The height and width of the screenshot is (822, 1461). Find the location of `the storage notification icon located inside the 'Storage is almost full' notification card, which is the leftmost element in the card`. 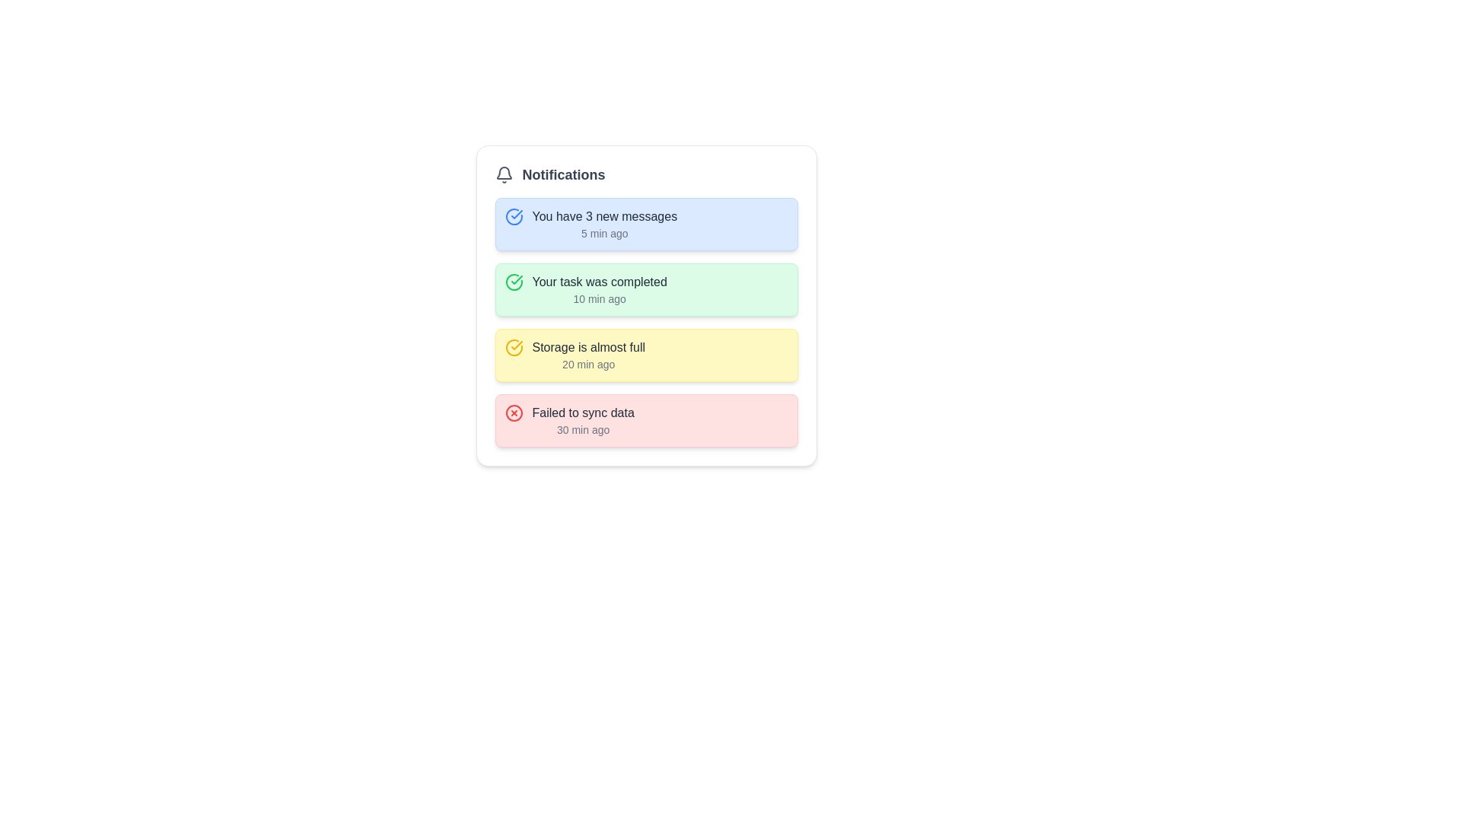

the storage notification icon located inside the 'Storage is almost full' notification card, which is the leftmost element in the card is located at coordinates (514, 347).